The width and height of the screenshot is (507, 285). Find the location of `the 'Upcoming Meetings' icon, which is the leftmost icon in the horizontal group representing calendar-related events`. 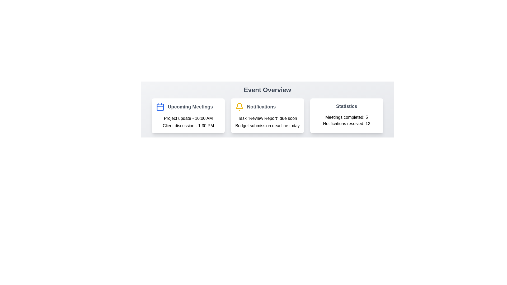

the 'Upcoming Meetings' icon, which is the leftmost icon in the horizontal group representing calendar-related events is located at coordinates (160, 107).